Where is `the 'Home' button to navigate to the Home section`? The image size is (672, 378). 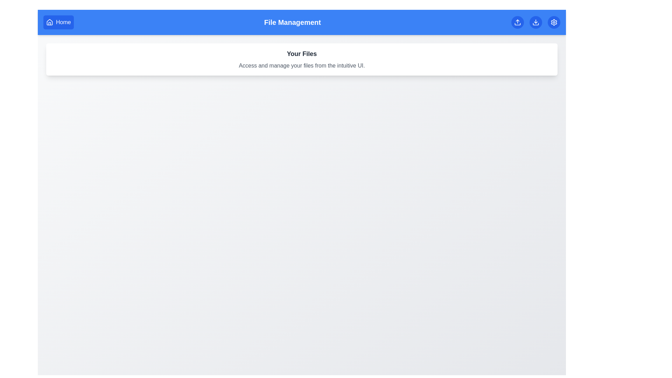 the 'Home' button to navigate to the Home section is located at coordinates (58, 22).